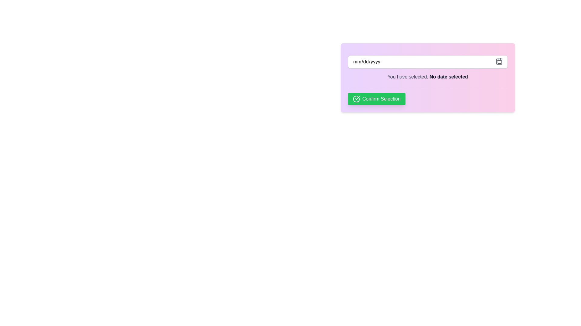 This screenshot has width=581, height=326. Describe the element at coordinates (381, 98) in the screenshot. I see `the text label that serves as the title or description for the confirm selection button, located centrally within the green button on the bottom-left side of the interface` at that location.